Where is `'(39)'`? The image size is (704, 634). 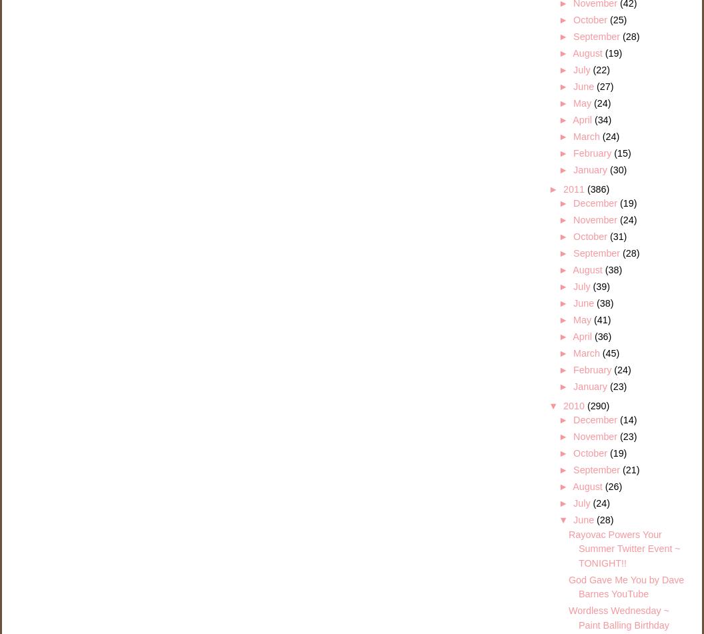
'(39)' is located at coordinates (600, 287).